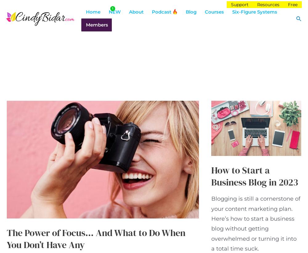 This screenshot has width=308, height=253. I want to click on 'Six-Figure Systems', so click(232, 11).